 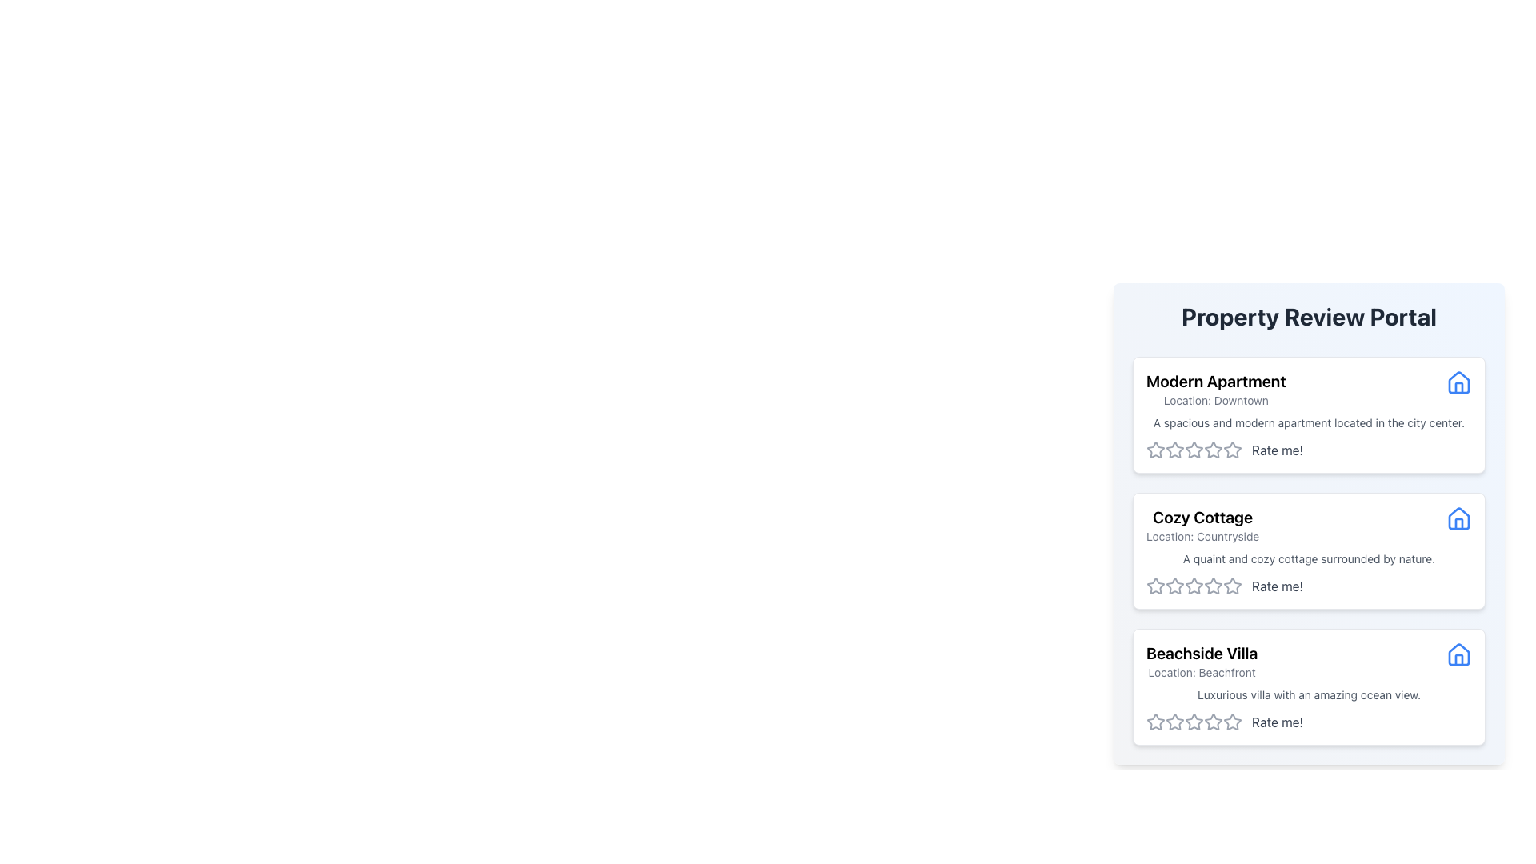 What do you see at coordinates (1459, 524) in the screenshot?
I see `the lower central part of the house icon within the 'Cozy Cottage' entry in the list` at bounding box center [1459, 524].